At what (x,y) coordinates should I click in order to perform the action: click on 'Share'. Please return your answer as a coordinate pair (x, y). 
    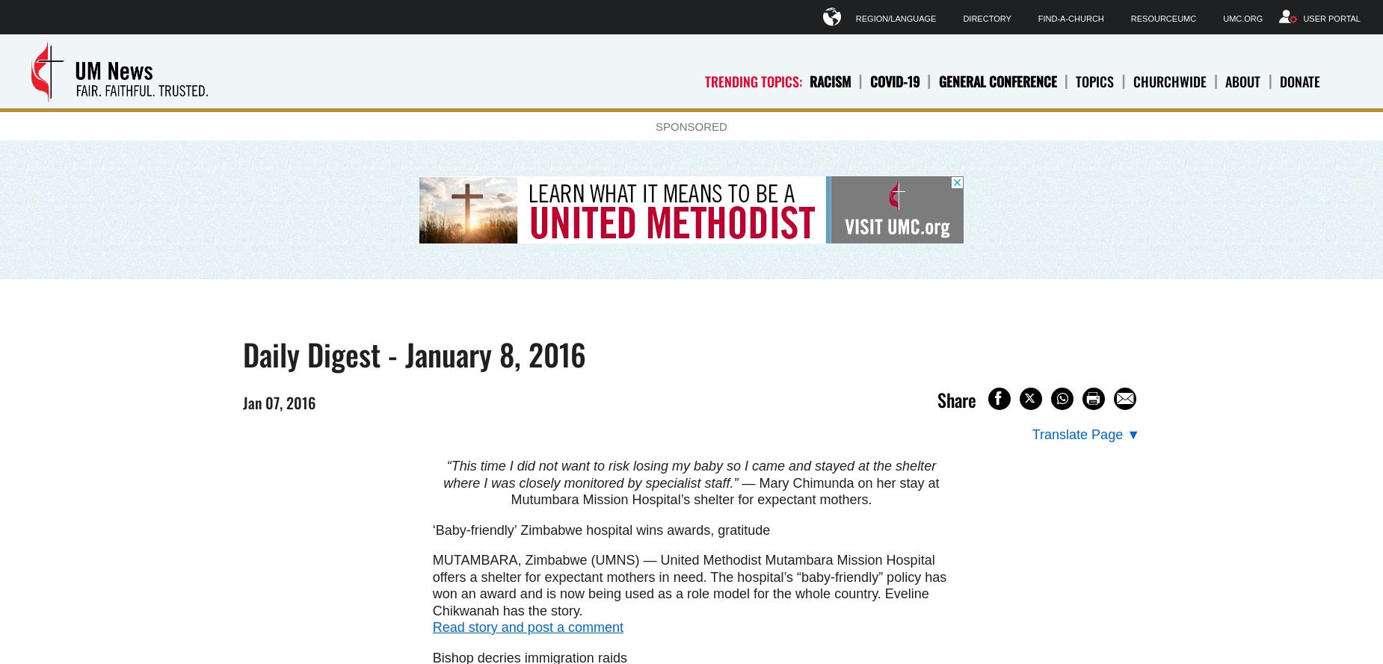
    Looking at the image, I should click on (955, 400).